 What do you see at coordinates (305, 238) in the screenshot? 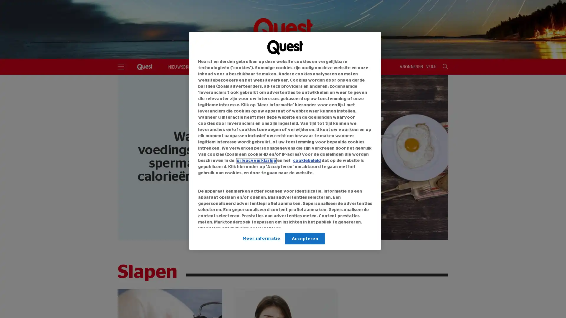
I see `Accepteren` at bounding box center [305, 238].